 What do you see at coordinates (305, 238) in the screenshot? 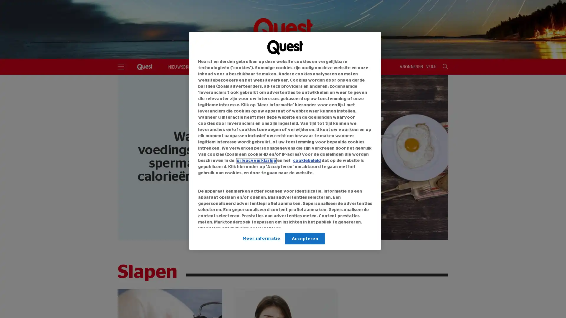
I see `Accepteren` at bounding box center [305, 238].